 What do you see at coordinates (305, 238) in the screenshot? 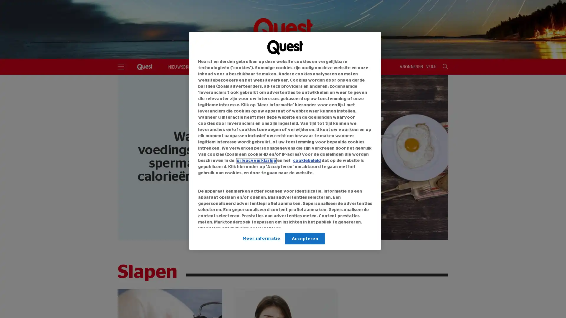
I see `Accepteren` at bounding box center [305, 238].